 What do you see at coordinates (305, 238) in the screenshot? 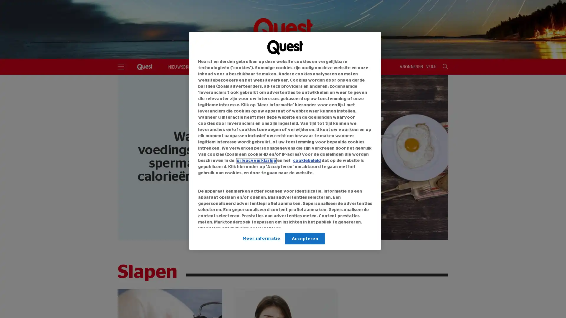
I see `Accepteren` at bounding box center [305, 238].